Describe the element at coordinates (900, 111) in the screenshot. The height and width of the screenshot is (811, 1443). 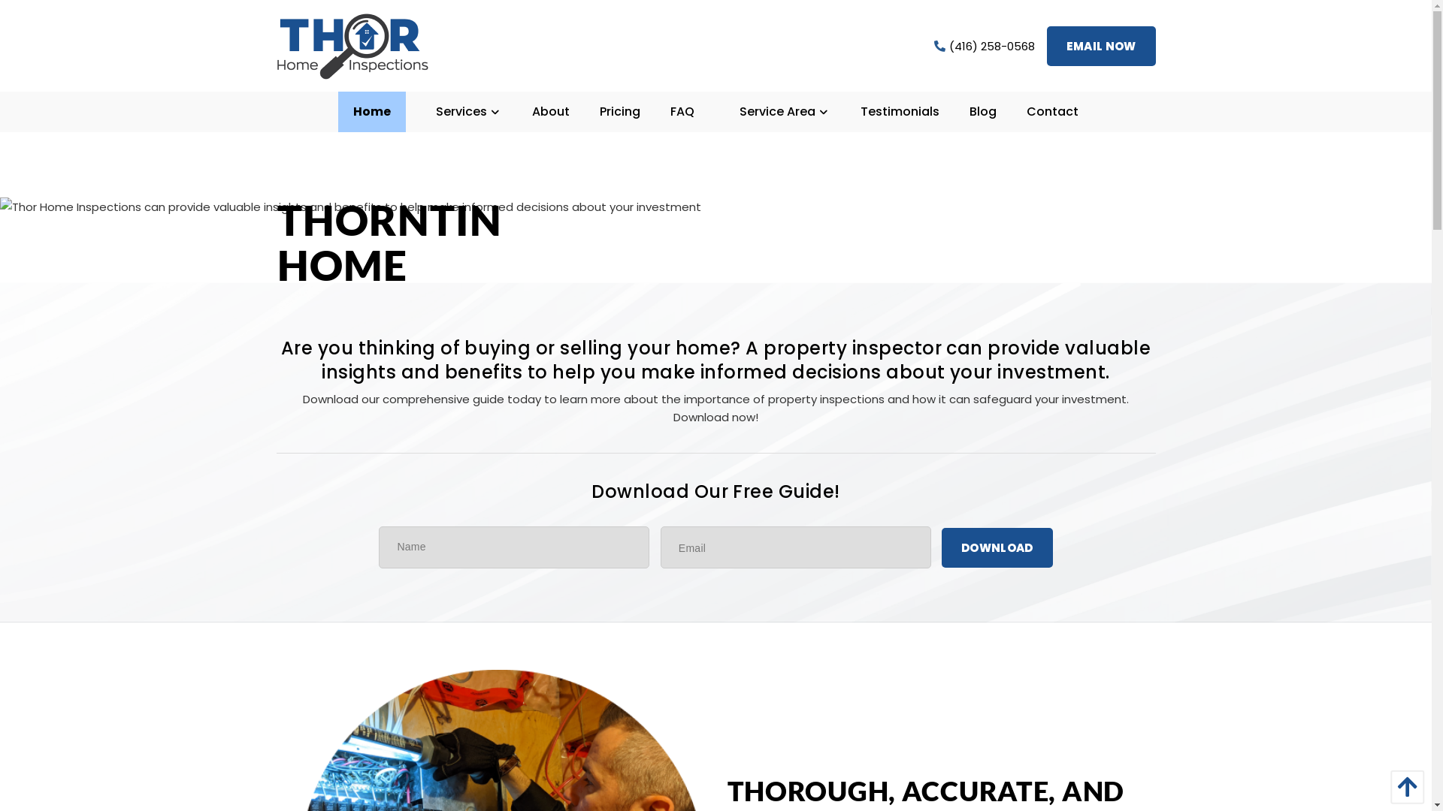
I see `'Testimonials'` at that location.